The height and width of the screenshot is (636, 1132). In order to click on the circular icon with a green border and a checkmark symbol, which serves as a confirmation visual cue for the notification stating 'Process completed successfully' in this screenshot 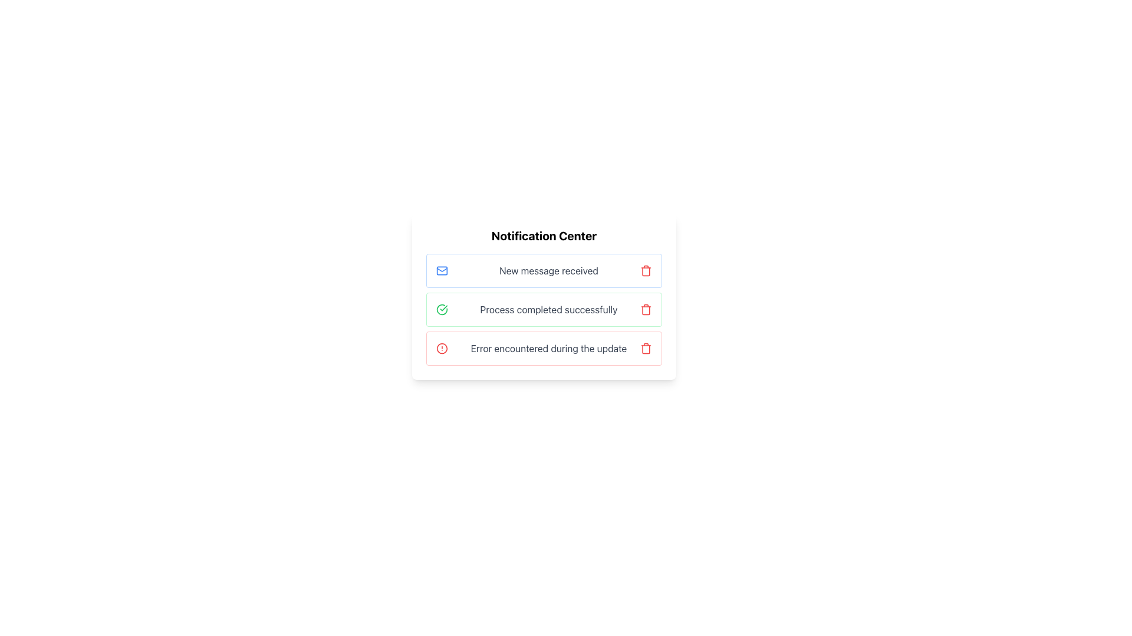, I will do `click(441, 309)`.